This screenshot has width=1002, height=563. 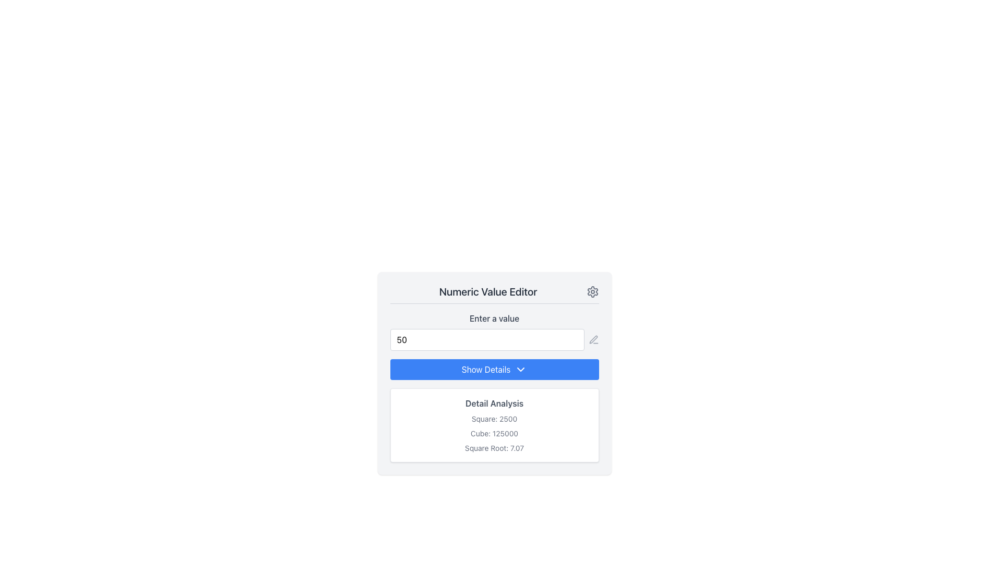 I want to click on the settings icon located, so click(x=592, y=291).